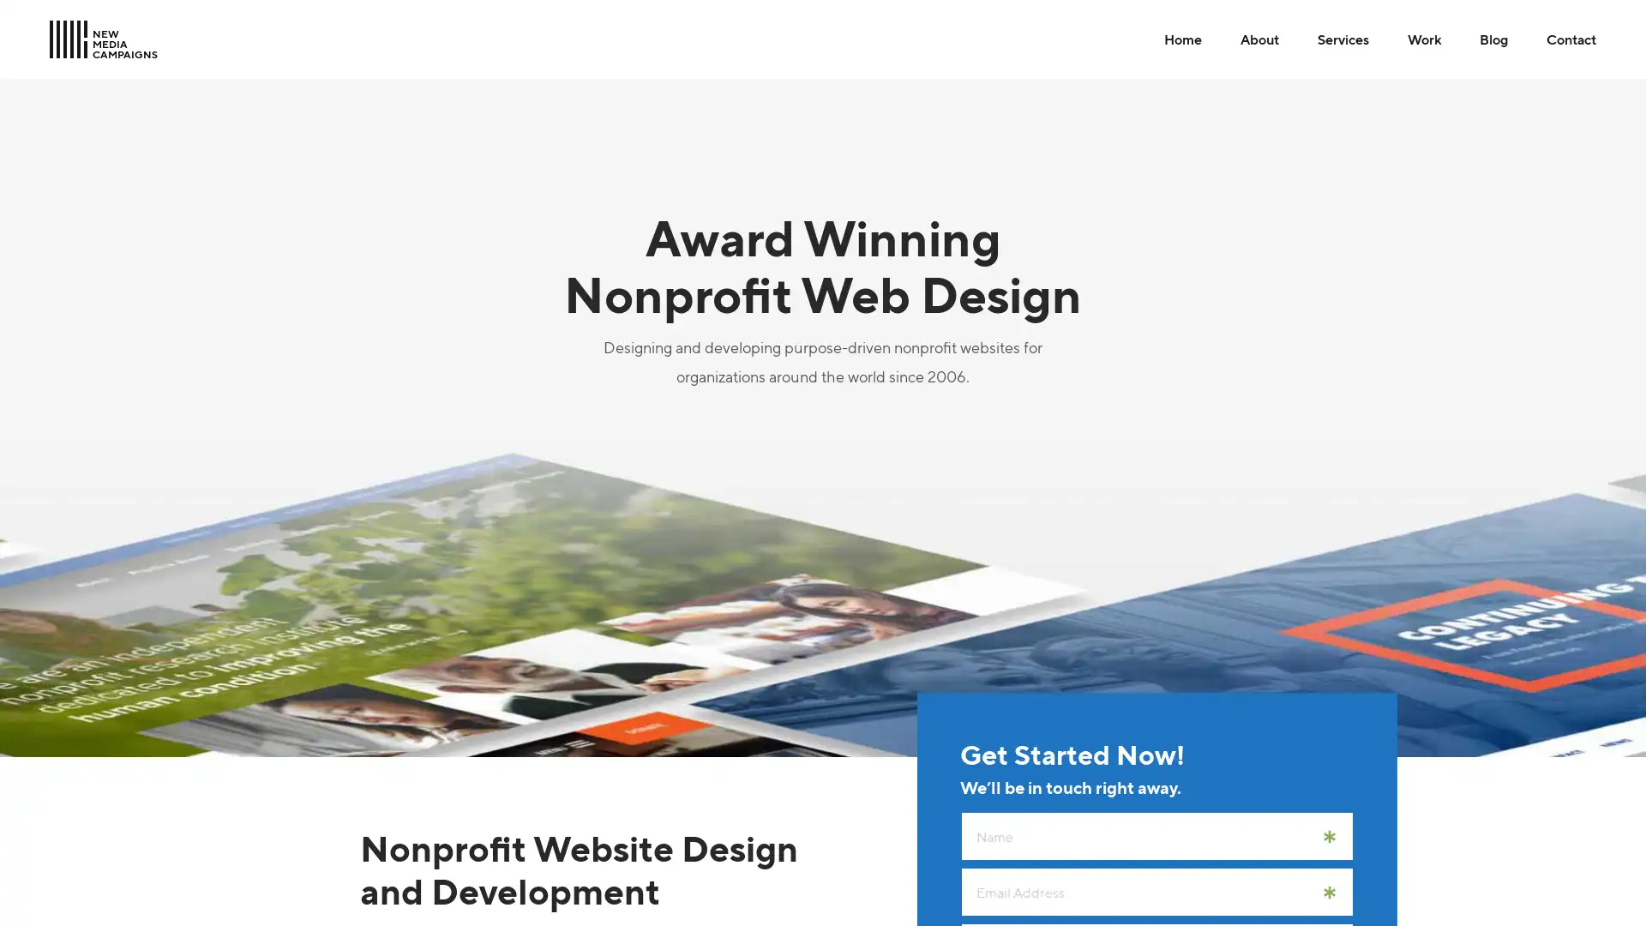 This screenshot has width=1646, height=926. I want to click on Skip to Main Content, so click(17, 17).